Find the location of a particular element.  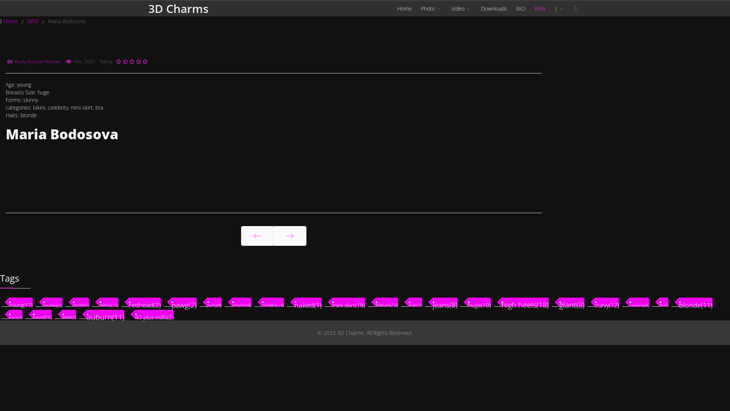

'BRW' is located at coordinates (540, 9).